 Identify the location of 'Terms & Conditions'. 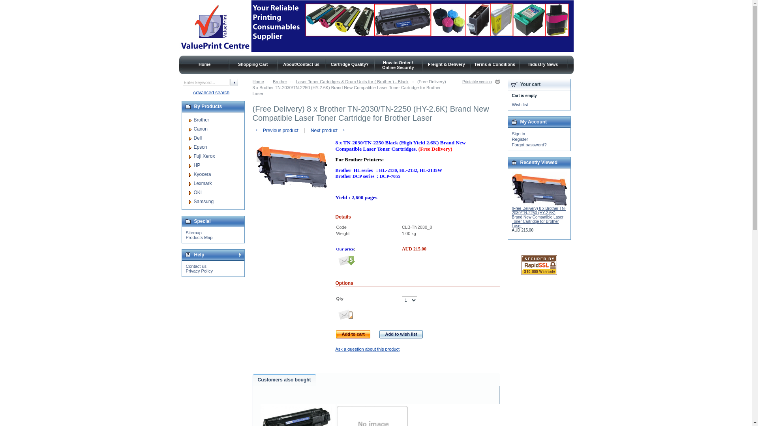
(494, 64).